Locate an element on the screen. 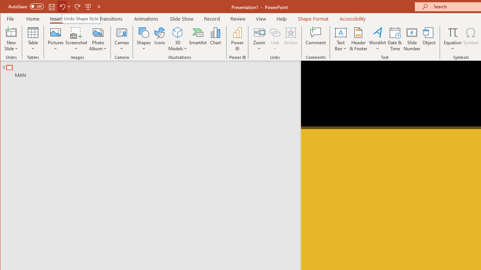 Image resolution: width=481 pixels, height=270 pixels. 'Review' is located at coordinates (237, 18).